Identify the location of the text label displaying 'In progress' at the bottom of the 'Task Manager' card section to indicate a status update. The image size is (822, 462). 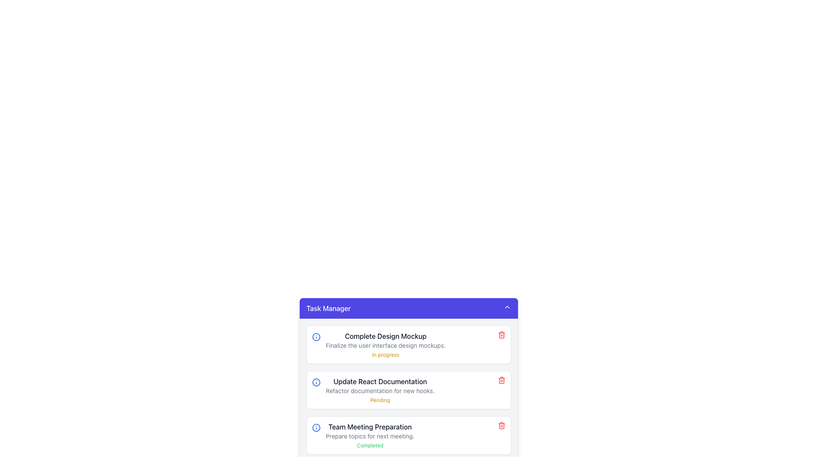
(385, 355).